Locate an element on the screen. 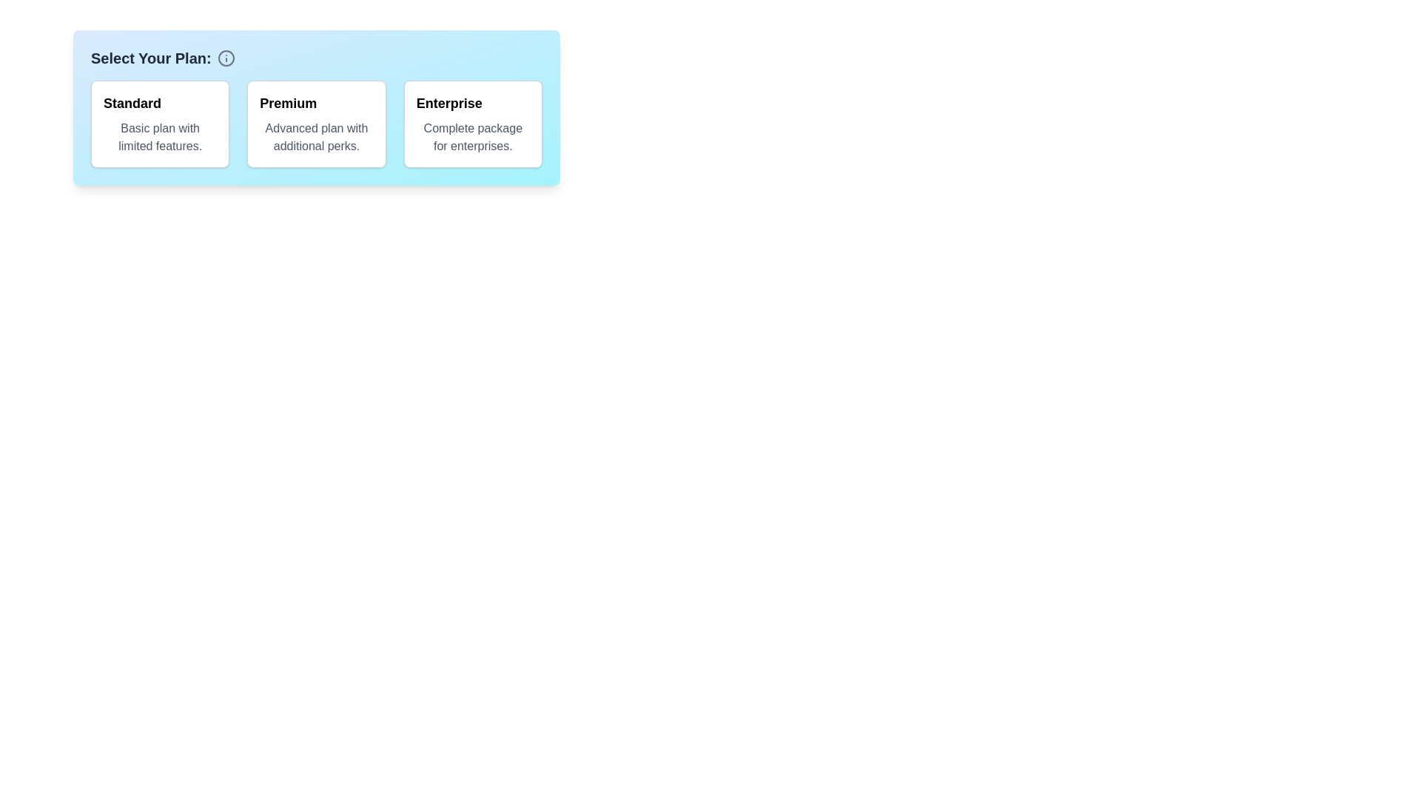 The image size is (1421, 799). the 'Premium' option card, which is the second card in a row of three is located at coordinates (315, 107).